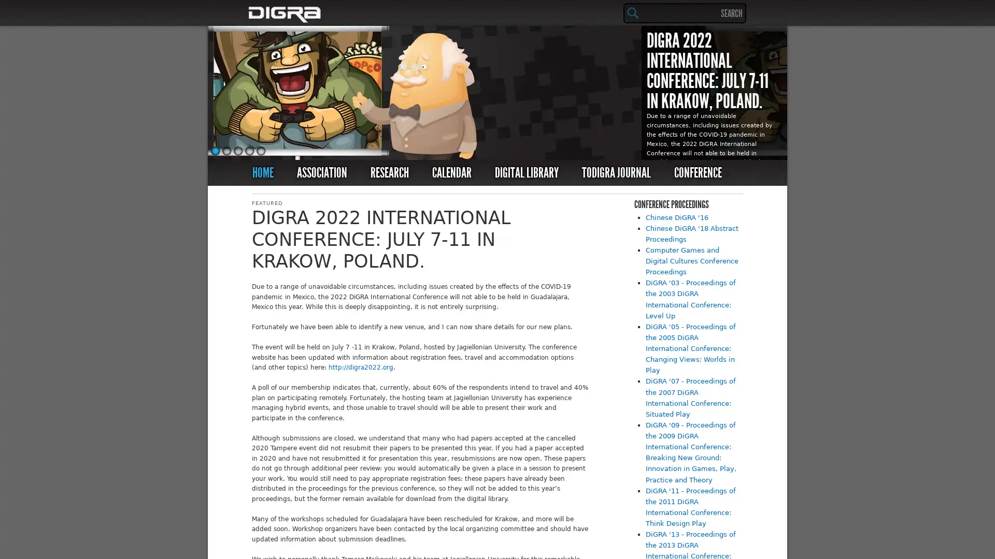 This screenshot has width=995, height=559. What do you see at coordinates (632, 13) in the screenshot?
I see `Search` at bounding box center [632, 13].